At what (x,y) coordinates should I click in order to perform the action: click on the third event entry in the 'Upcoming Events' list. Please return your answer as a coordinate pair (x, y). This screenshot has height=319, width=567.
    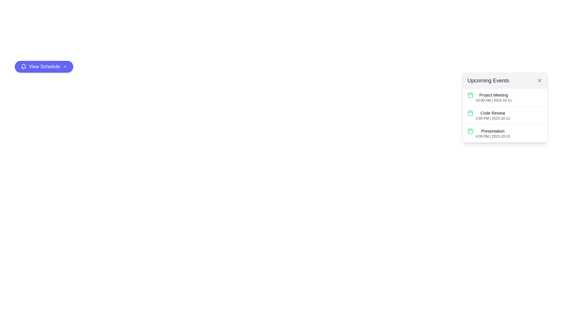
    Looking at the image, I should click on (493, 133).